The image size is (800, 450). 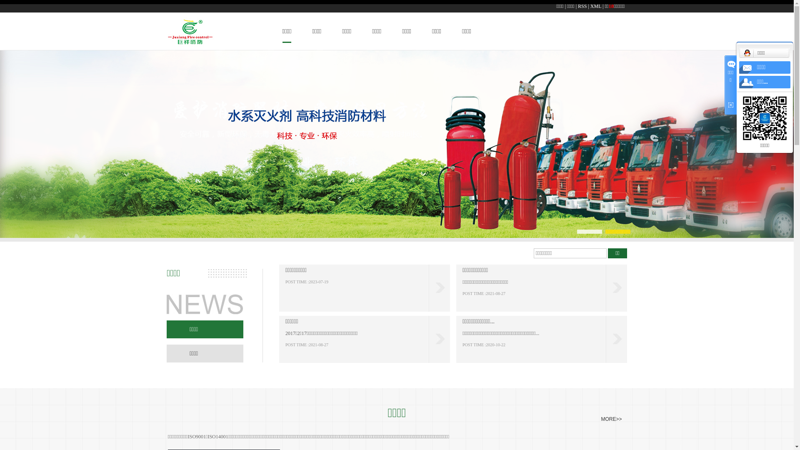 What do you see at coordinates (578, 231) in the screenshot?
I see `'1'` at bounding box center [578, 231].